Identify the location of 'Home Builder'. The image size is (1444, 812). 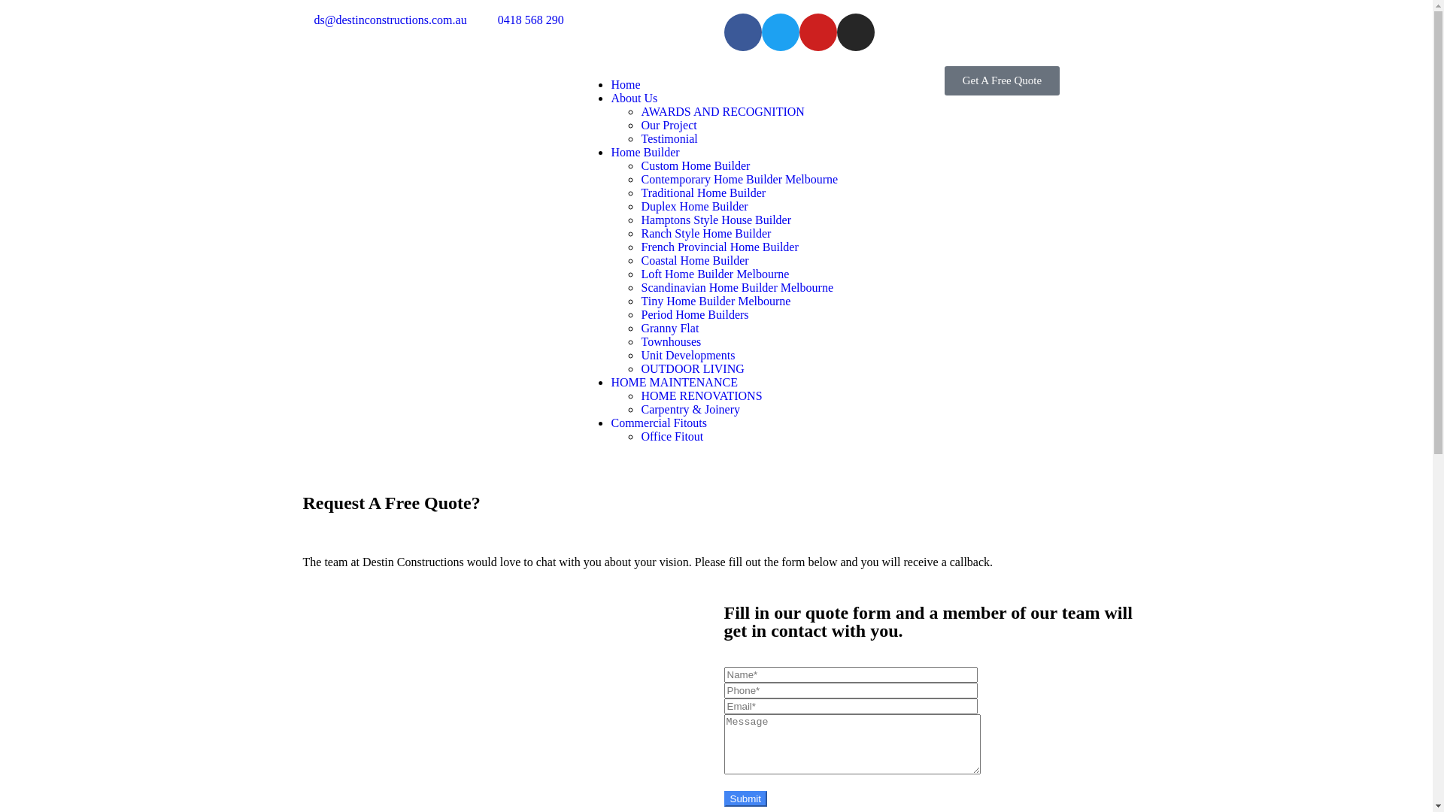
(645, 152).